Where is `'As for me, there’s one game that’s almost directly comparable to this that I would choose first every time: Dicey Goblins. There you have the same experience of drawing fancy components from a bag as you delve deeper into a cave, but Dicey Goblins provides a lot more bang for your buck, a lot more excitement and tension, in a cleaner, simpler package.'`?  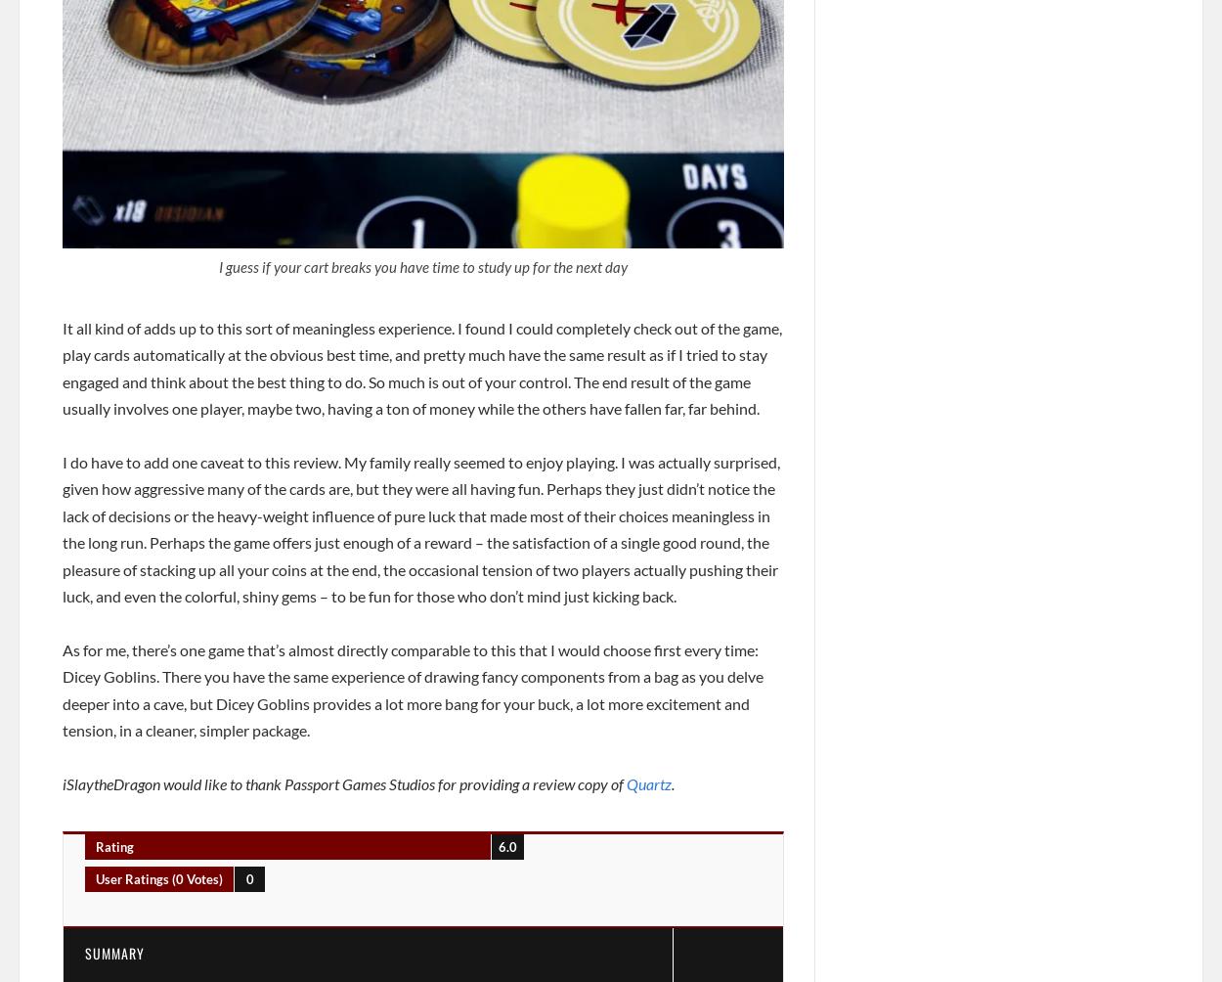 'As for me, there’s one game that’s almost directly comparable to this that I would choose first every time: Dicey Goblins. There you have the same experience of drawing fancy components from a bag as you delve deeper into a cave, but Dicey Goblins provides a lot more bang for your buck, a lot more excitement and tension, in a cleaner, simpler package.' is located at coordinates (413, 689).